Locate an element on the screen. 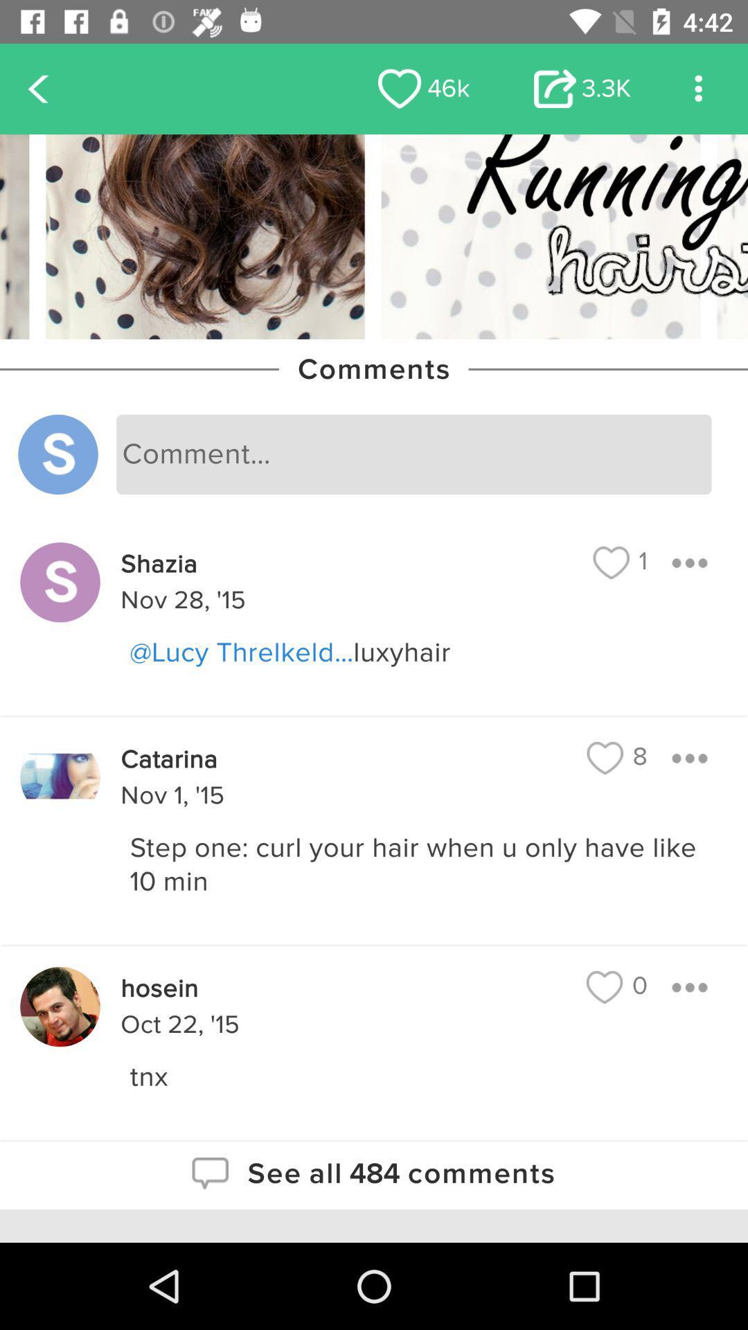 Image resolution: width=748 pixels, height=1330 pixels. something is located at coordinates (689, 757).